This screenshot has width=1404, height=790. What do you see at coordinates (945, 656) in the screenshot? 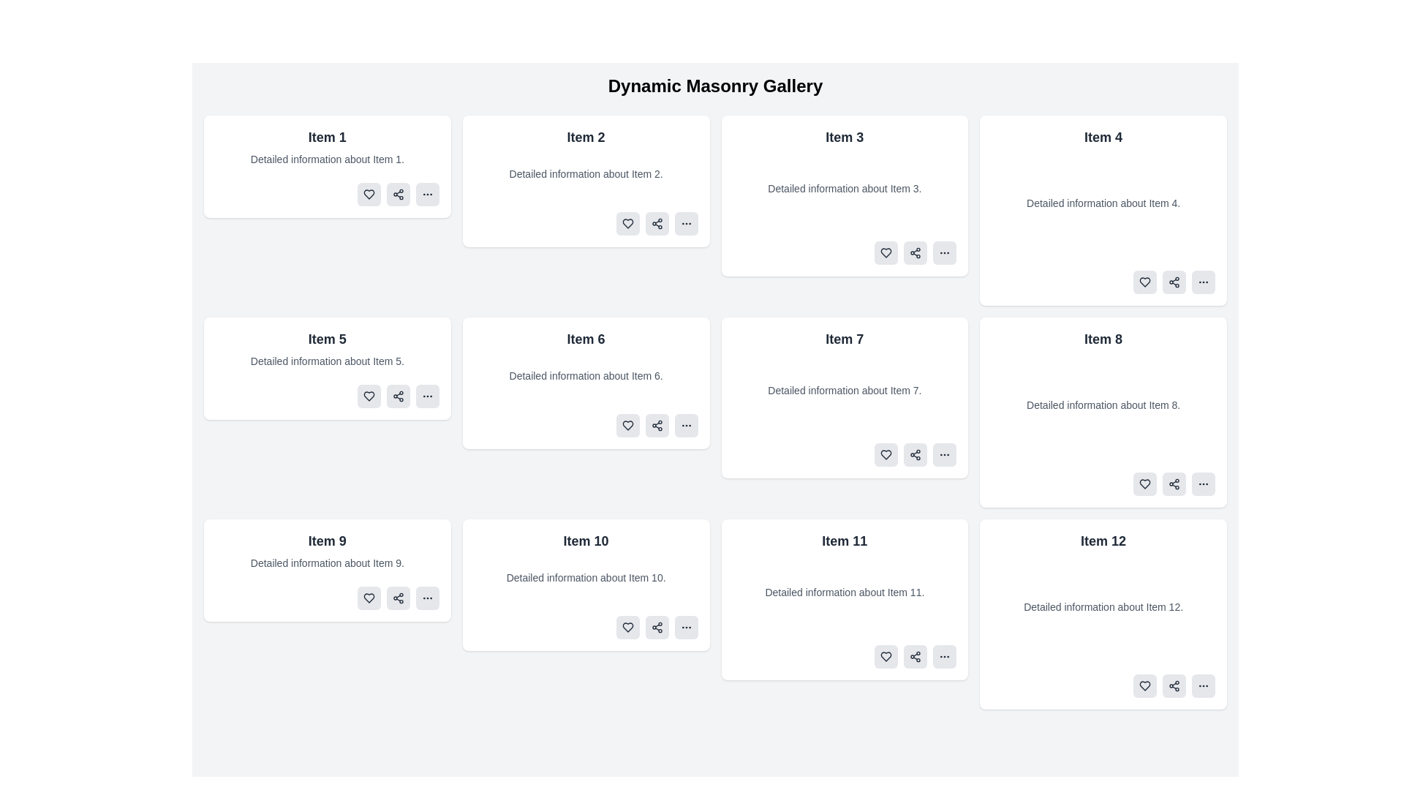
I see `the icon button located to the far right within the row of icons inside the card labeled 'Item 11'` at bounding box center [945, 656].